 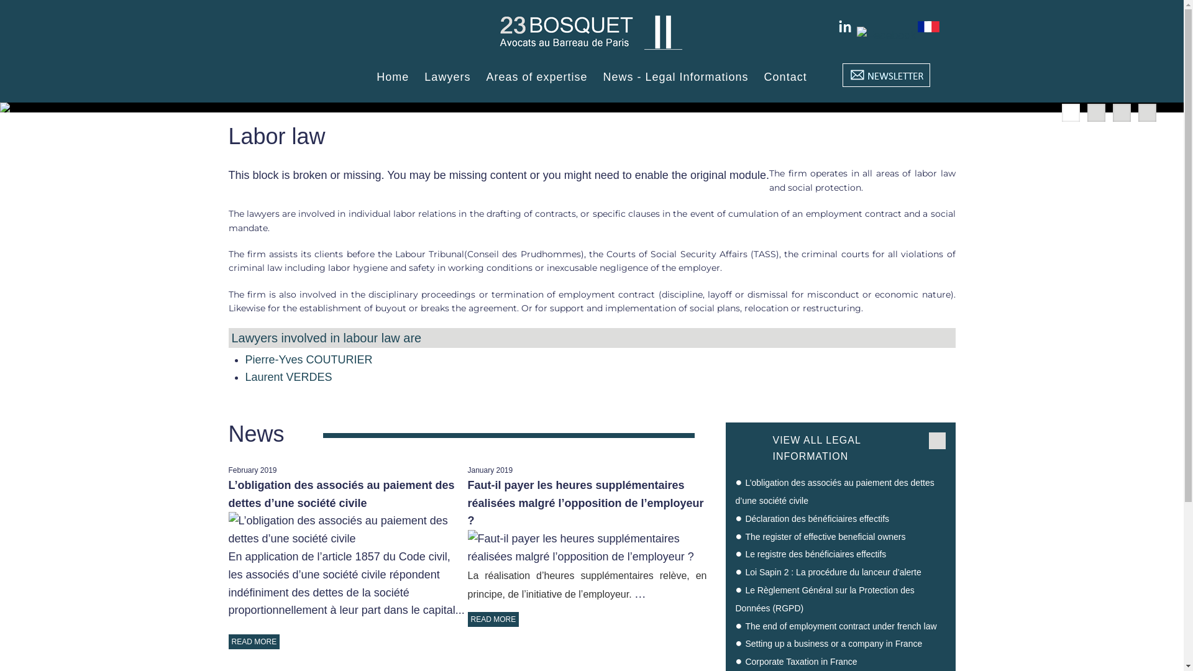 I want to click on 'Setting up a business or a company in France', so click(x=833, y=643).